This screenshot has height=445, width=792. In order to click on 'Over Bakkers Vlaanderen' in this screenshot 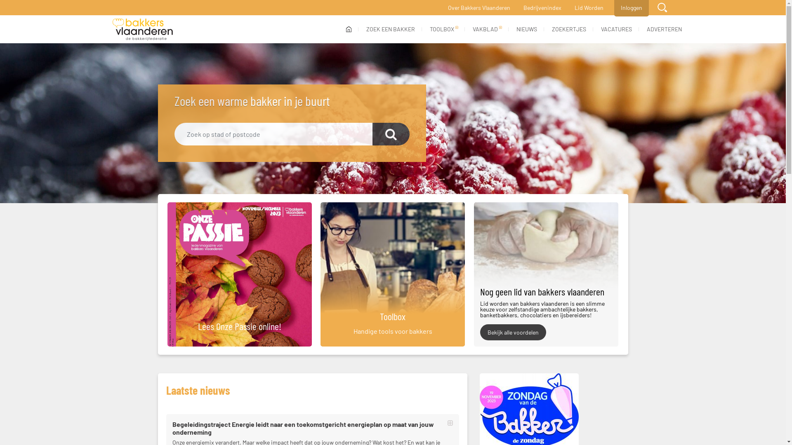, I will do `click(479, 7)`.